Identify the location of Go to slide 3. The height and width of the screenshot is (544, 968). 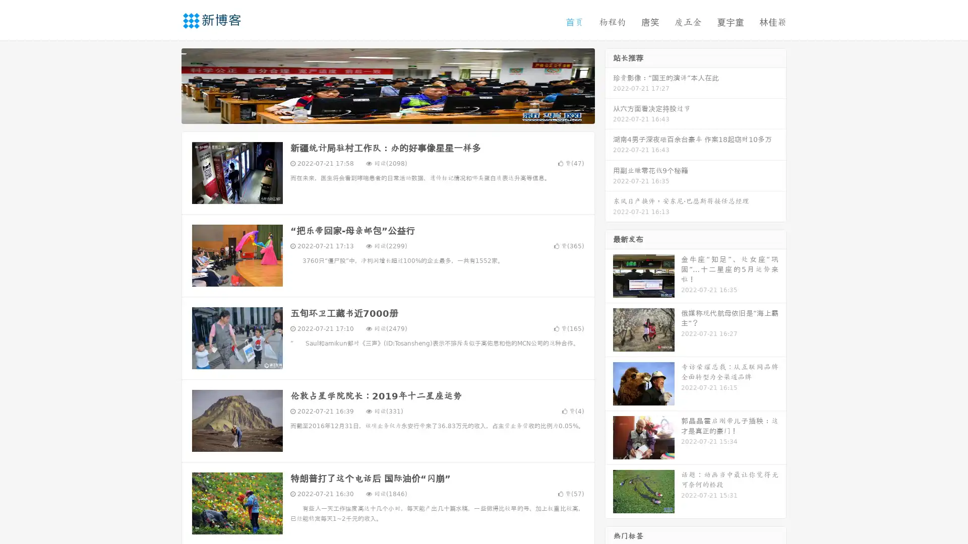
(398, 113).